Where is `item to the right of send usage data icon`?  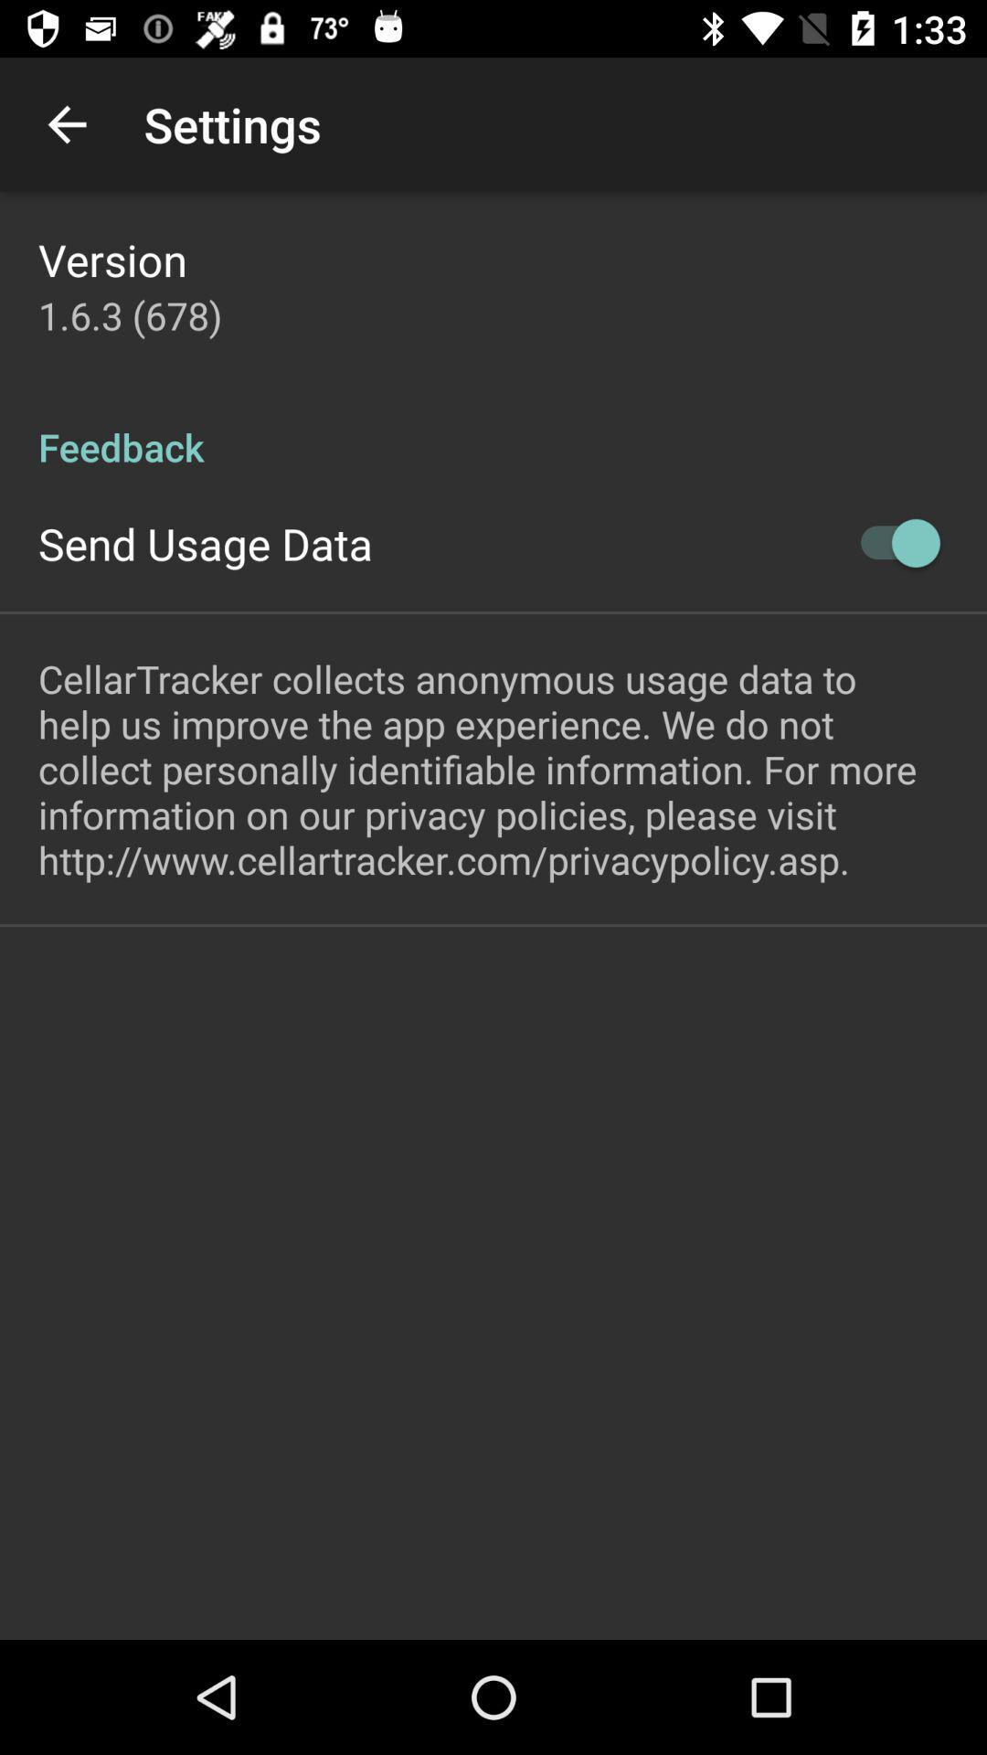
item to the right of send usage data icon is located at coordinates (890, 542).